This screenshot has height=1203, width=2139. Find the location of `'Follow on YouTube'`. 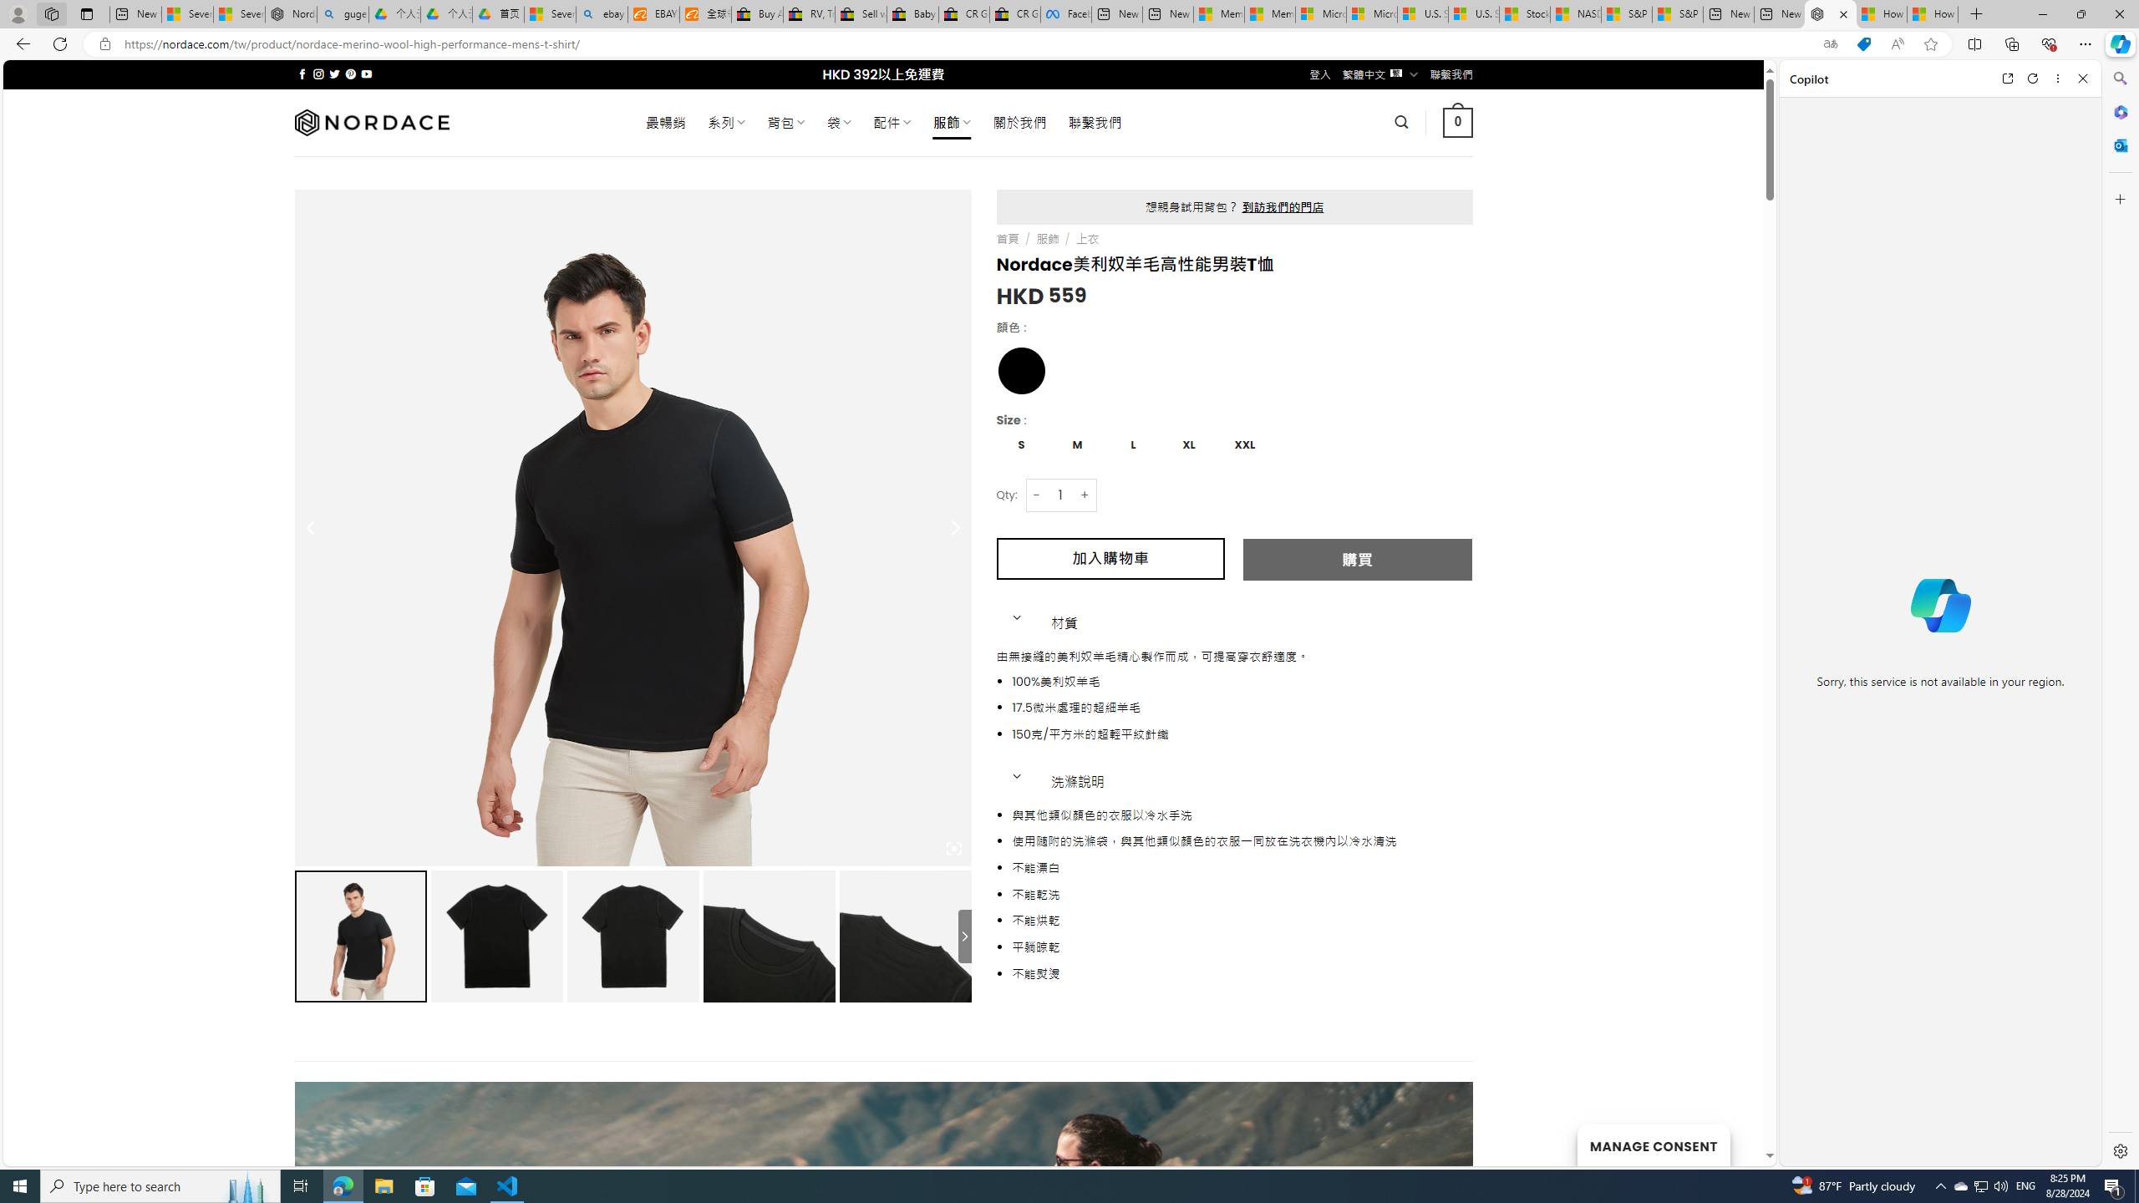

'Follow on YouTube' is located at coordinates (367, 74).